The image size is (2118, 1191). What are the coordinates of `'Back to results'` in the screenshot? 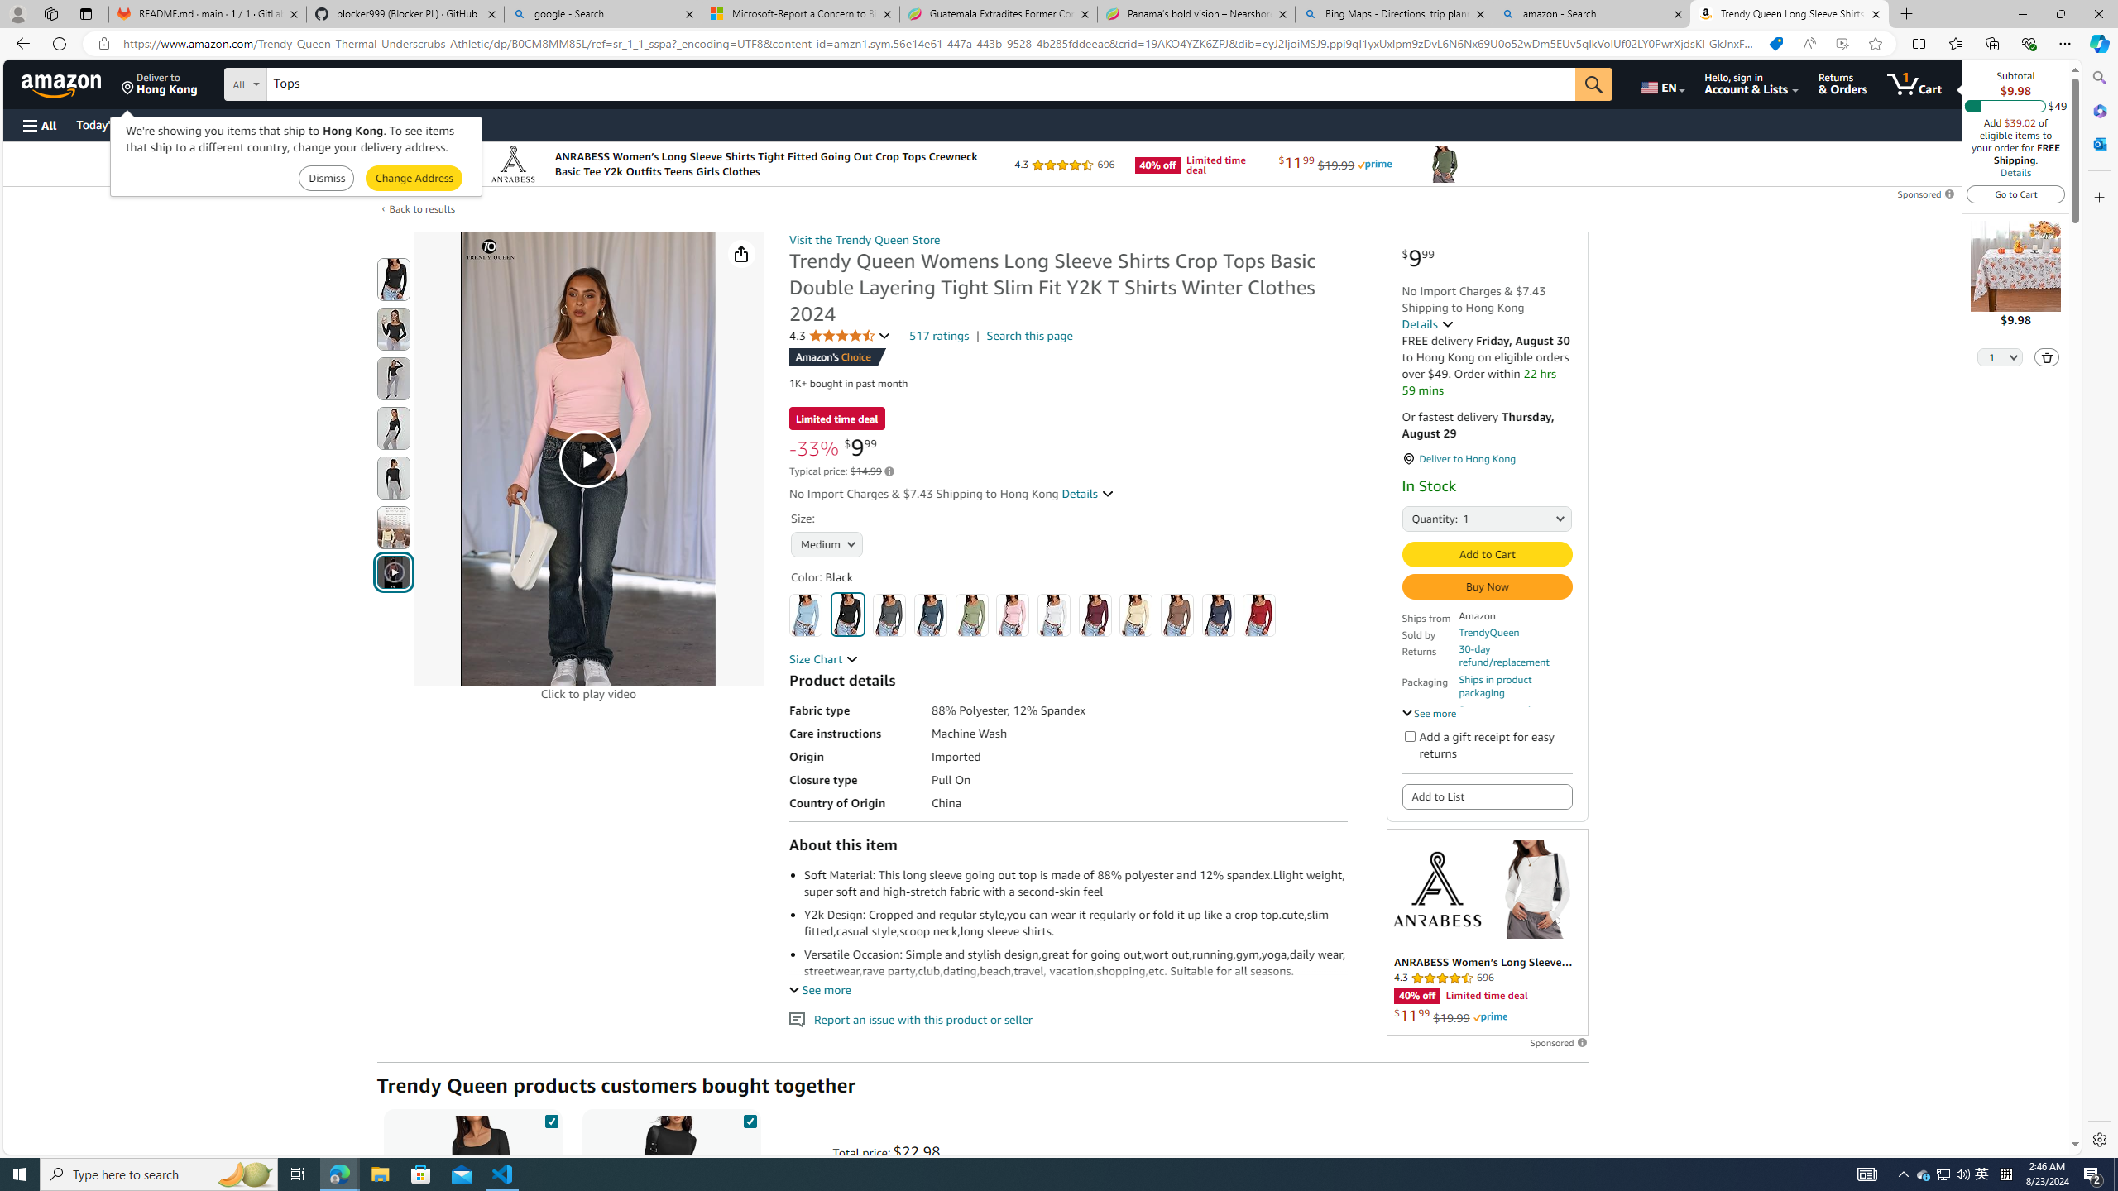 It's located at (421, 208).